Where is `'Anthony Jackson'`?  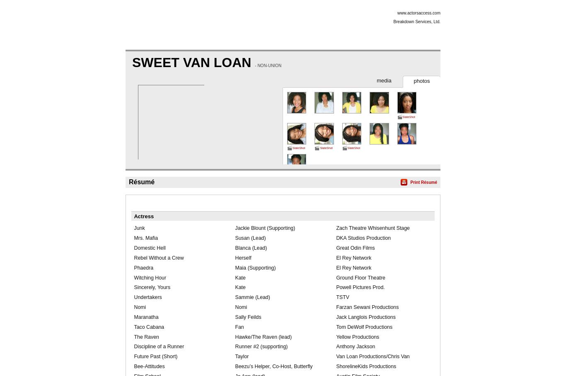
'Anthony Jackson' is located at coordinates (335, 346).